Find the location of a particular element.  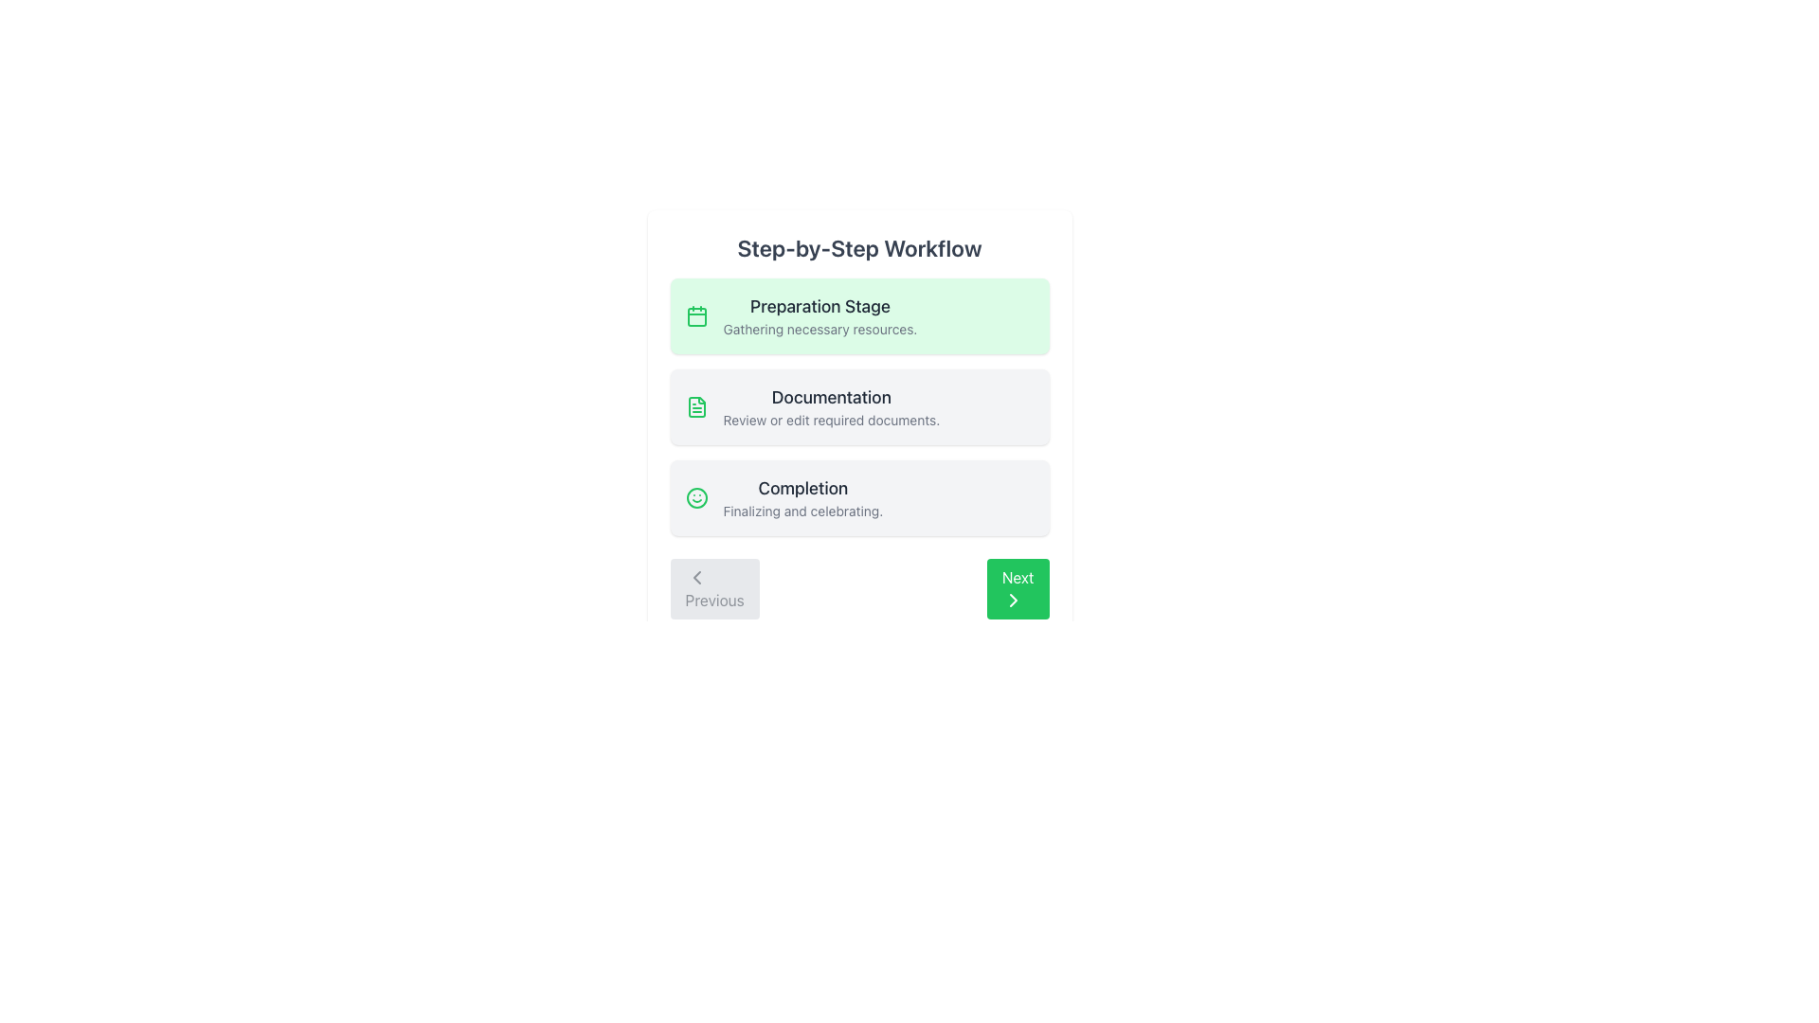

the text element displaying 'Finalizing and celebrating.' which is positioned beneath the bold heading 'Completion' in the workflow interface is located at coordinates (802, 511).